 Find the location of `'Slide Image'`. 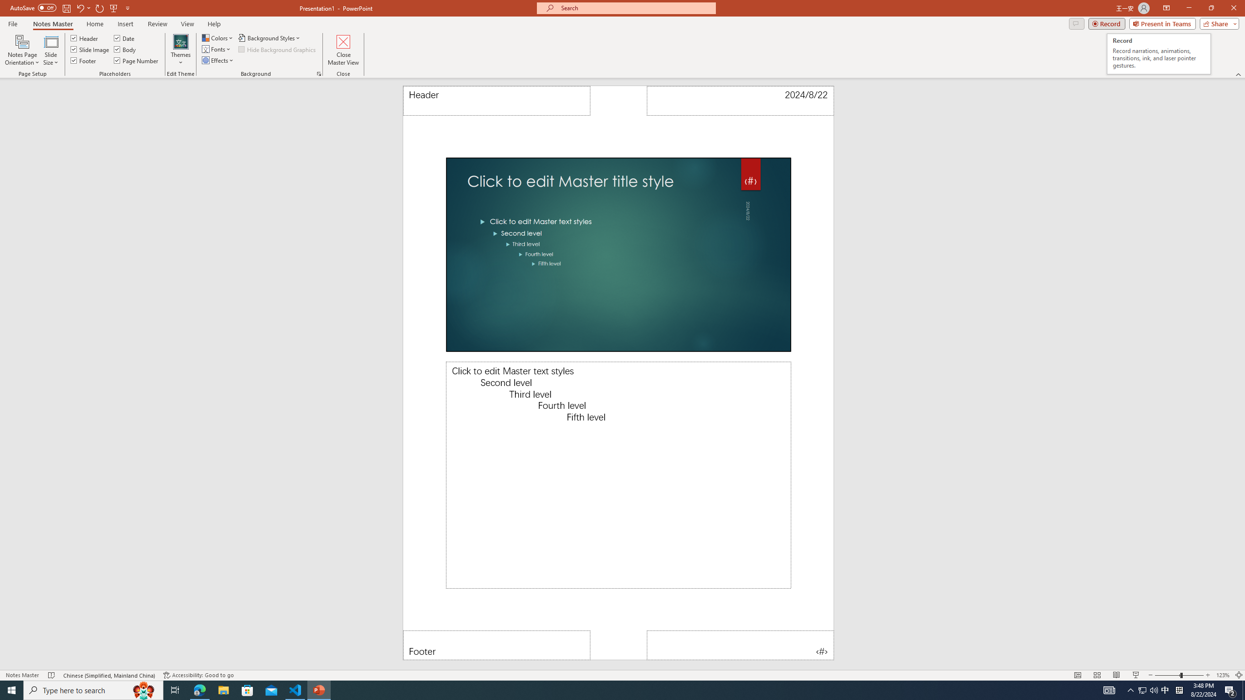

'Slide Image' is located at coordinates (89, 48).